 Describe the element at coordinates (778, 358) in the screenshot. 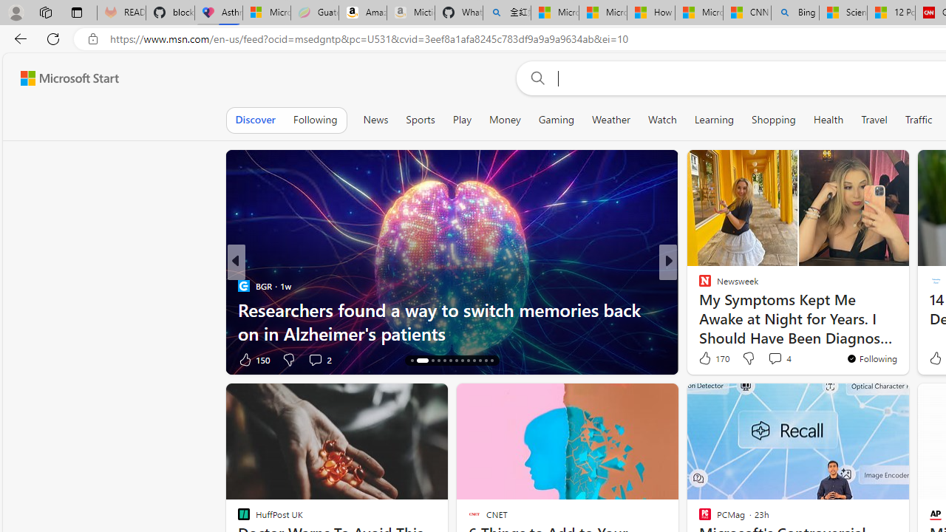

I see `'View comments 4 Comment'` at that location.